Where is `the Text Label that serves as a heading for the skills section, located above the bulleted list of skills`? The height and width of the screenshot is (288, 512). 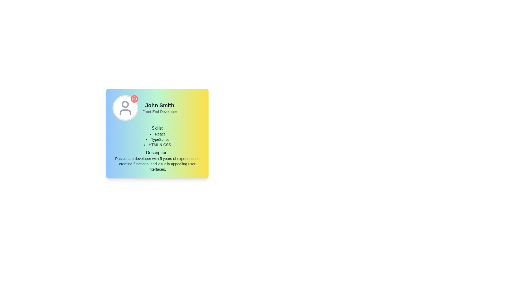 the Text Label that serves as a heading for the skills section, located above the bulleted list of skills is located at coordinates (157, 128).